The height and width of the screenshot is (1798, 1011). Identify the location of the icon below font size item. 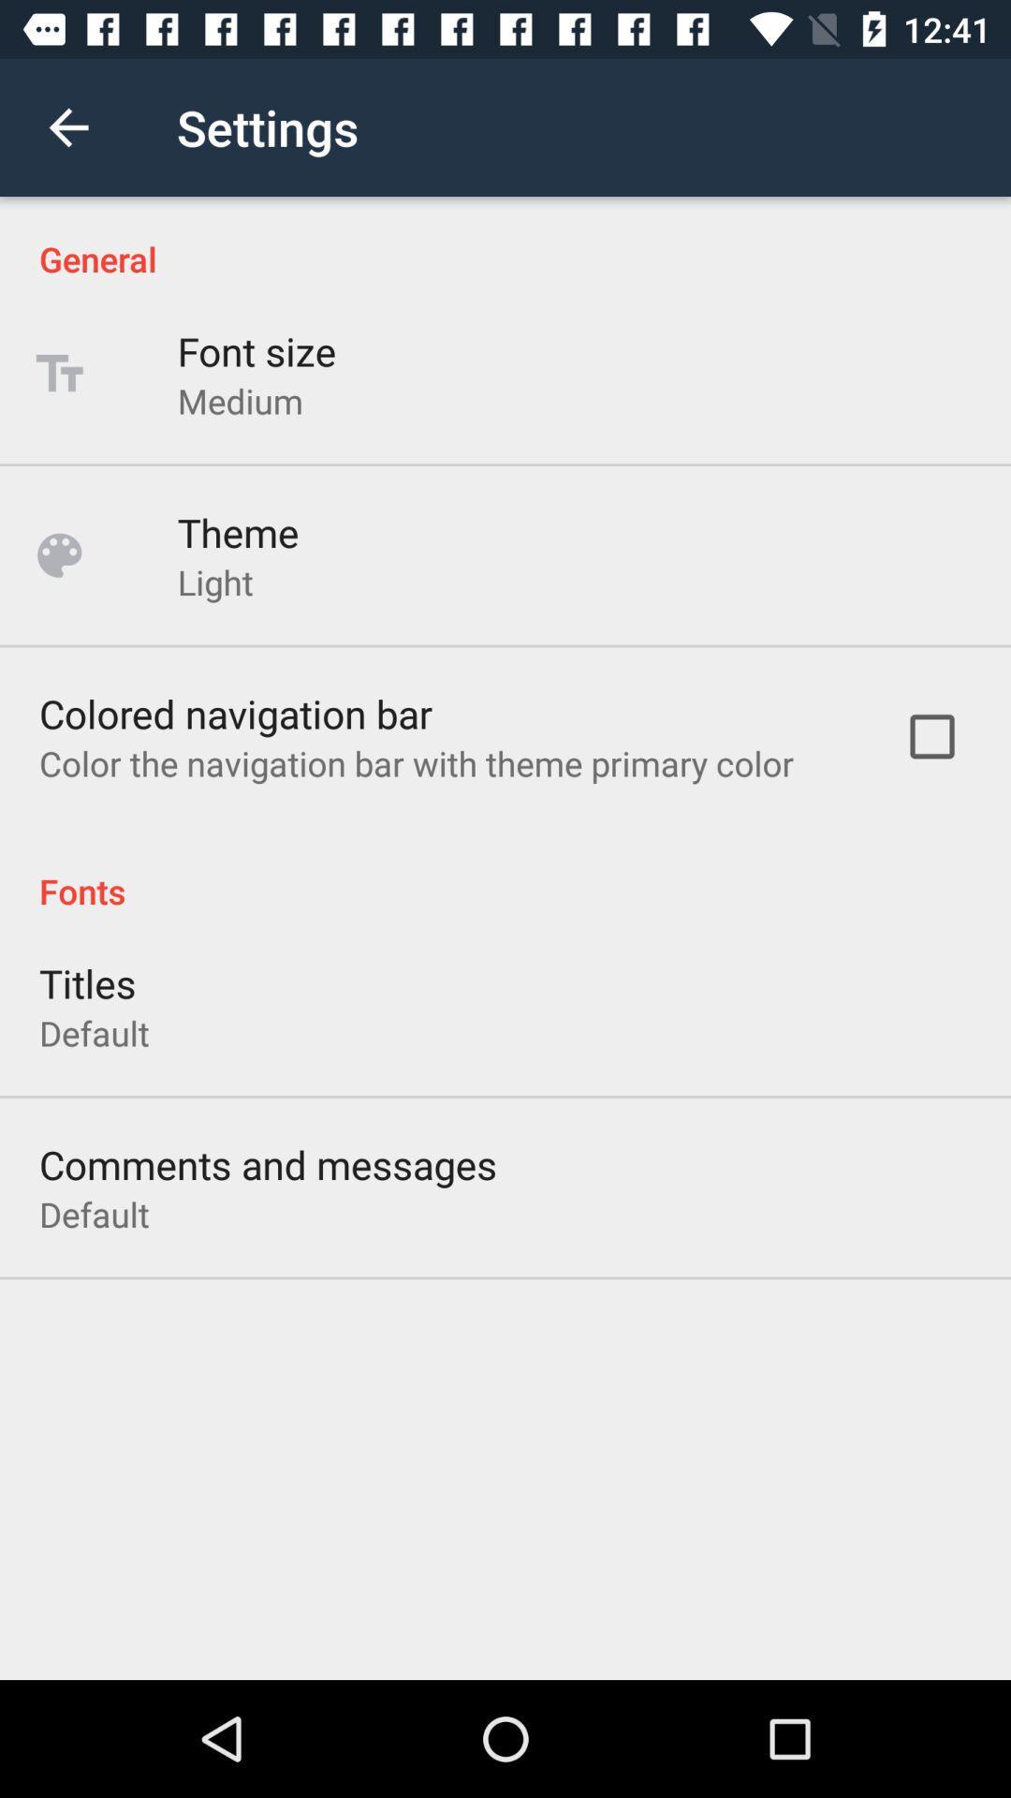
(239, 400).